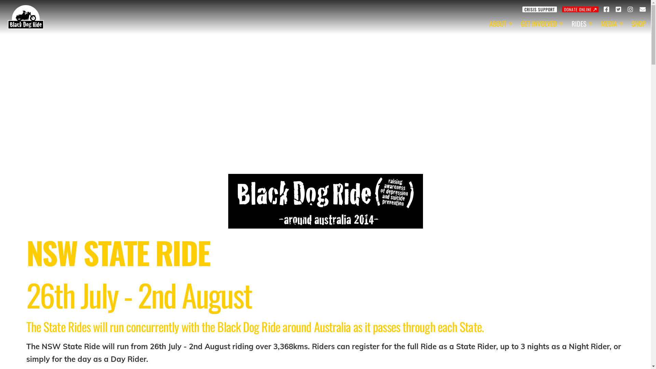  I want to click on 'MEDIA', so click(611, 23).